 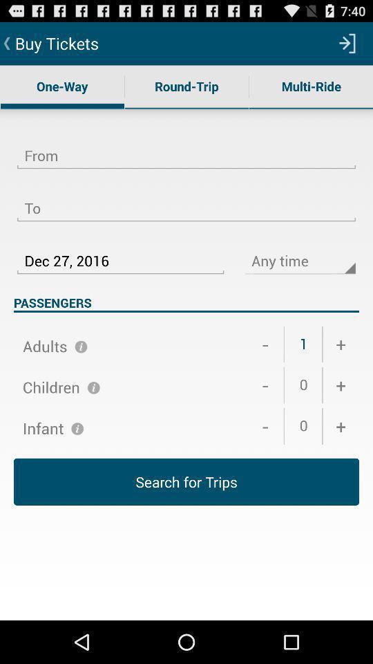 What do you see at coordinates (265, 385) in the screenshot?
I see `the item above the 0 item` at bounding box center [265, 385].